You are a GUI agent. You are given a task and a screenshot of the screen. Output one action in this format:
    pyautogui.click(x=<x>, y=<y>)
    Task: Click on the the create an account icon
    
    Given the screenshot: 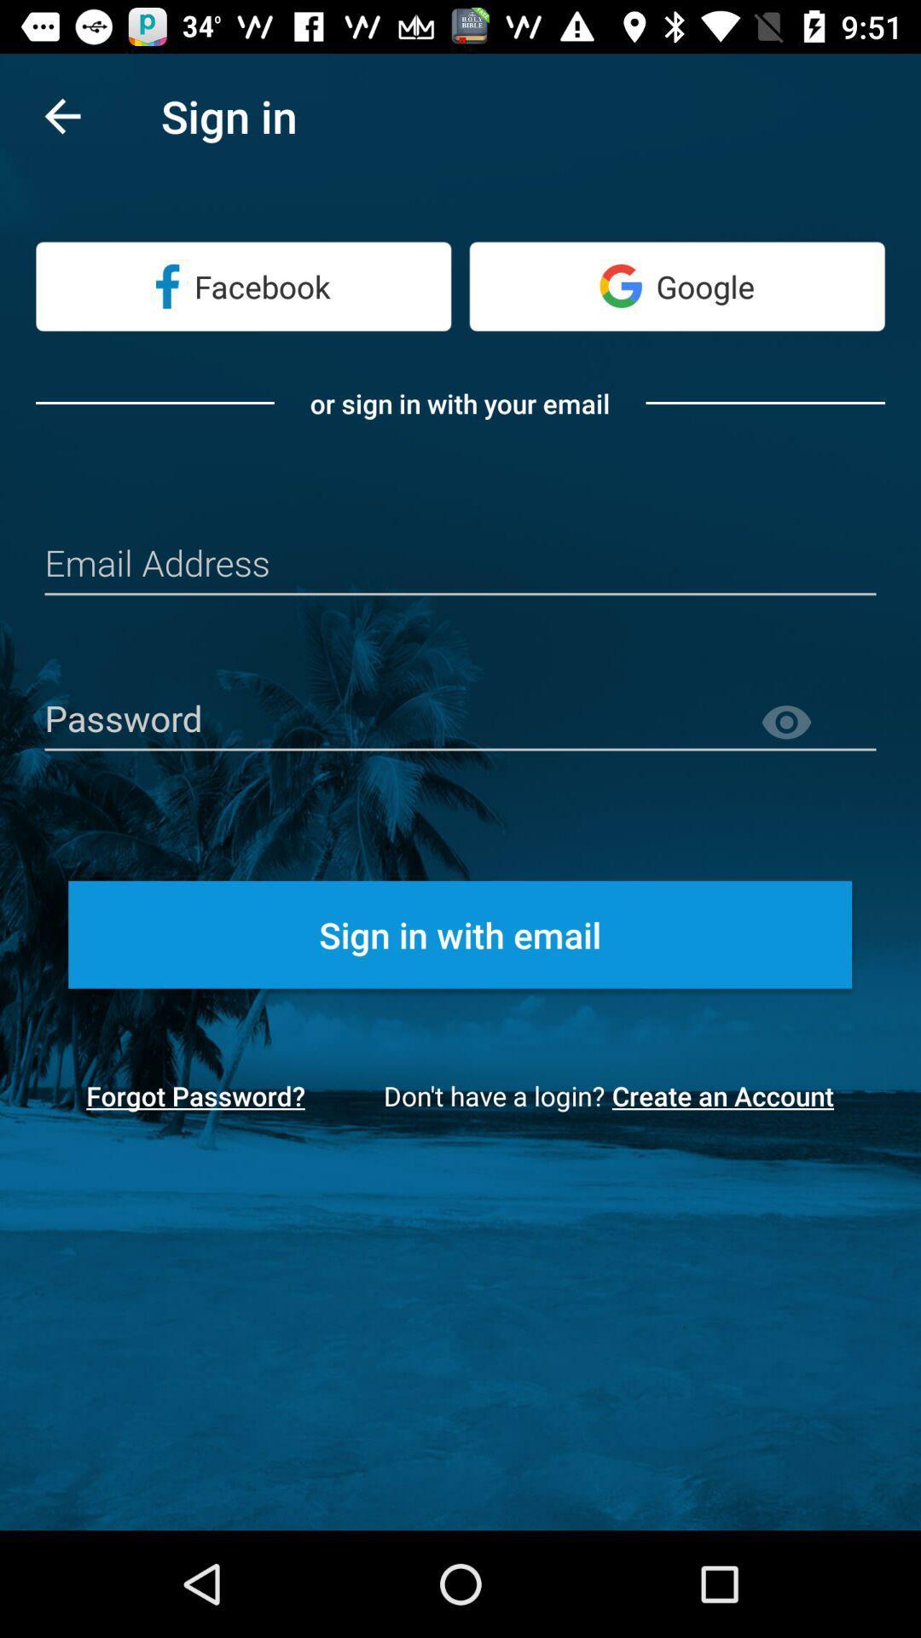 What is the action you would take?
    pyautogui.click(x=728, y=1095)
    